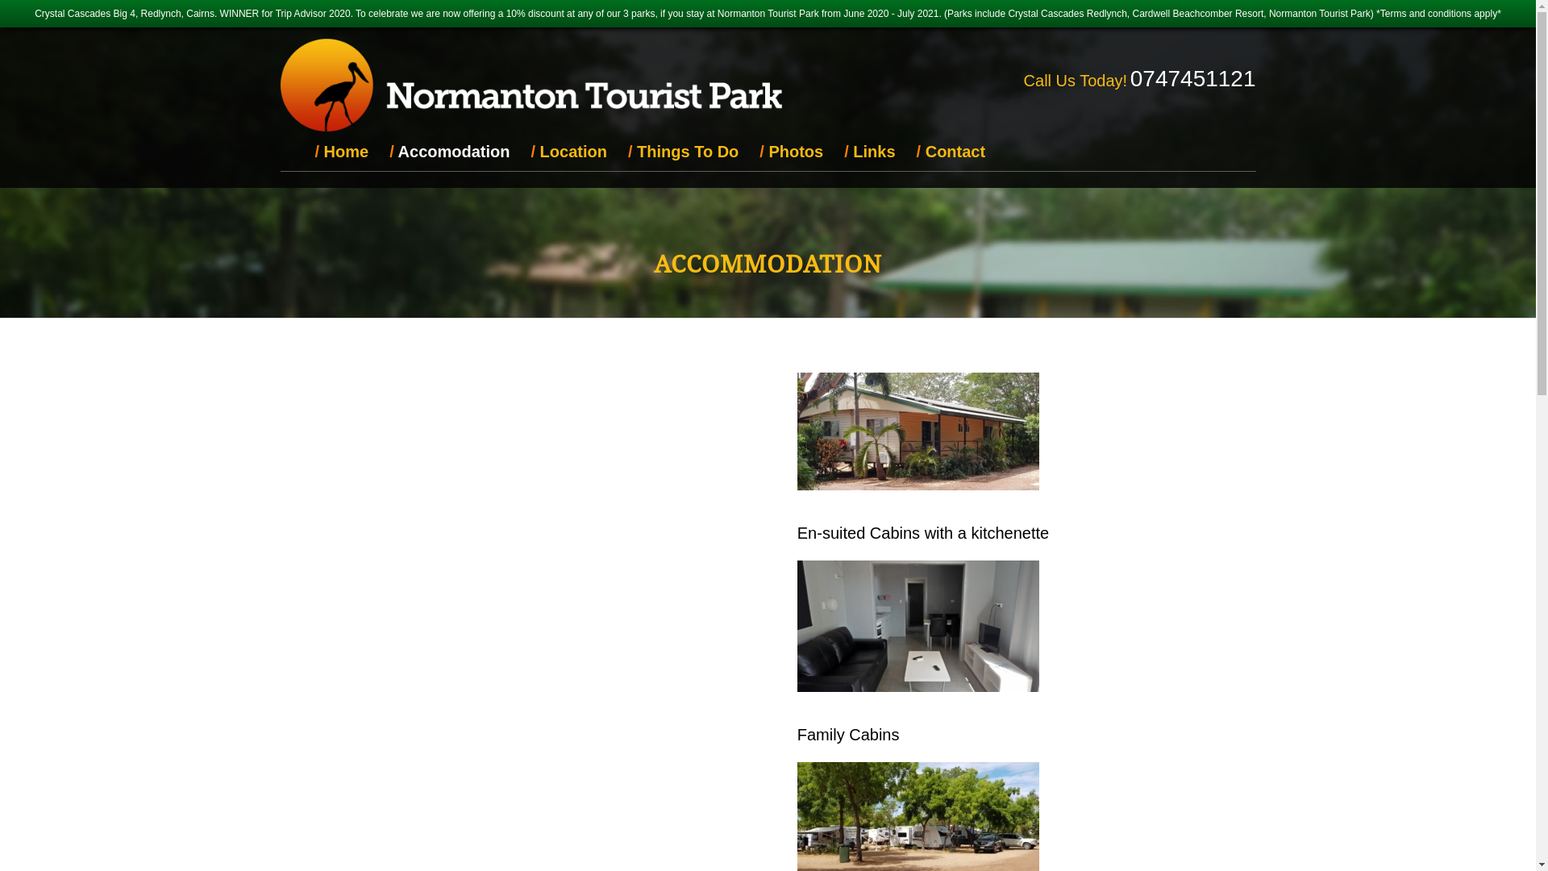 Image resolution: width=1548 pixels, height=871 pixels. What do you see at coordinates (683, 152) in the screenshot?
I see `'/ Things To Do'` at bounding box center [683, 152].